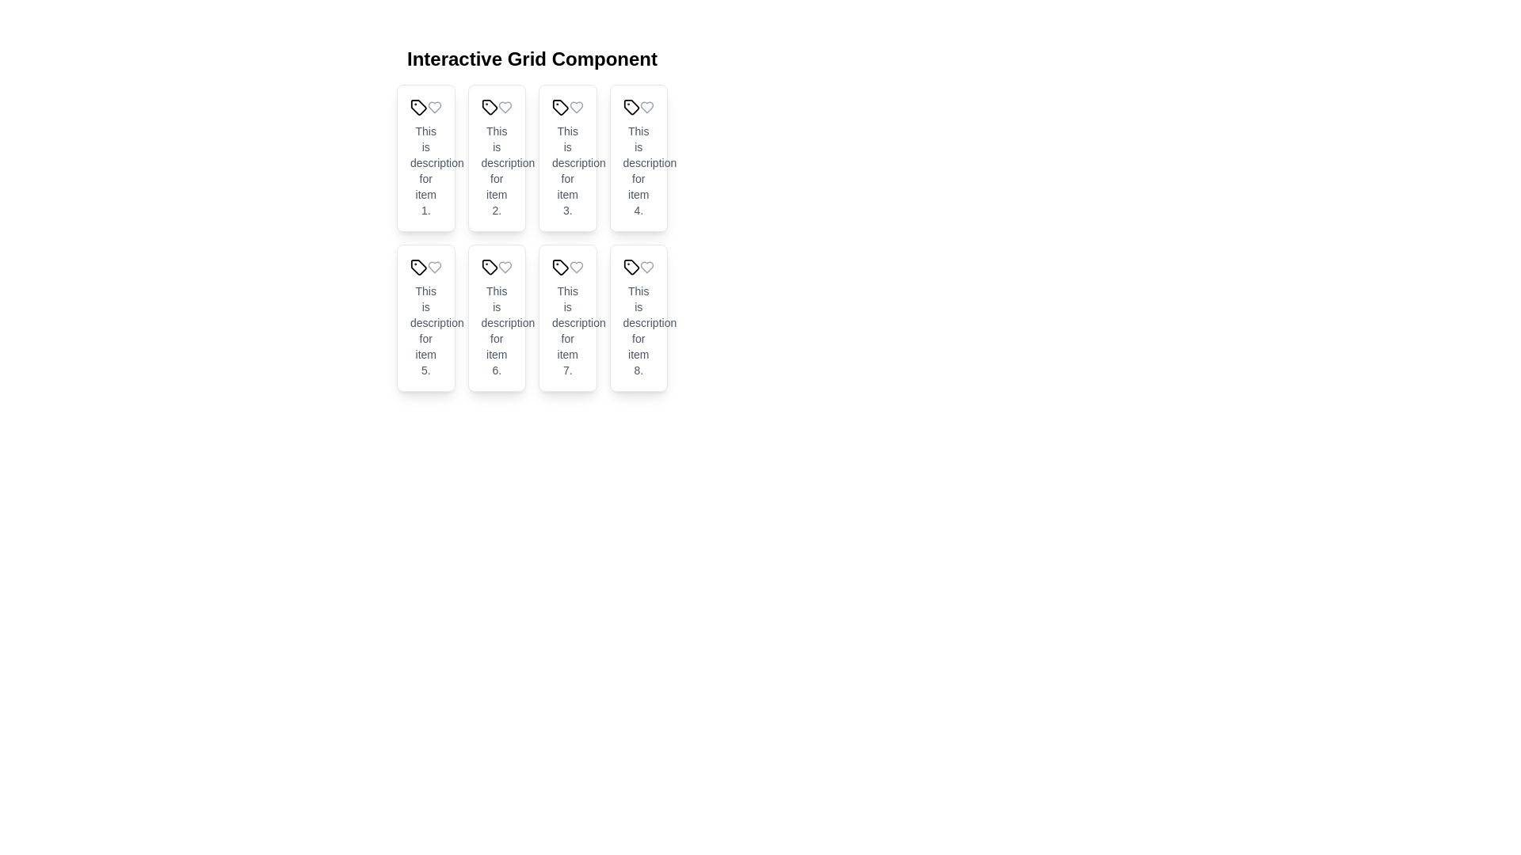 This screenshot has height=855, width=1521. Describe the element at coordinates (434, 267) in the screenshot. I see `the heart-shaped icon for 'like' or 'favorite' located above the description text for item 5` at that location.